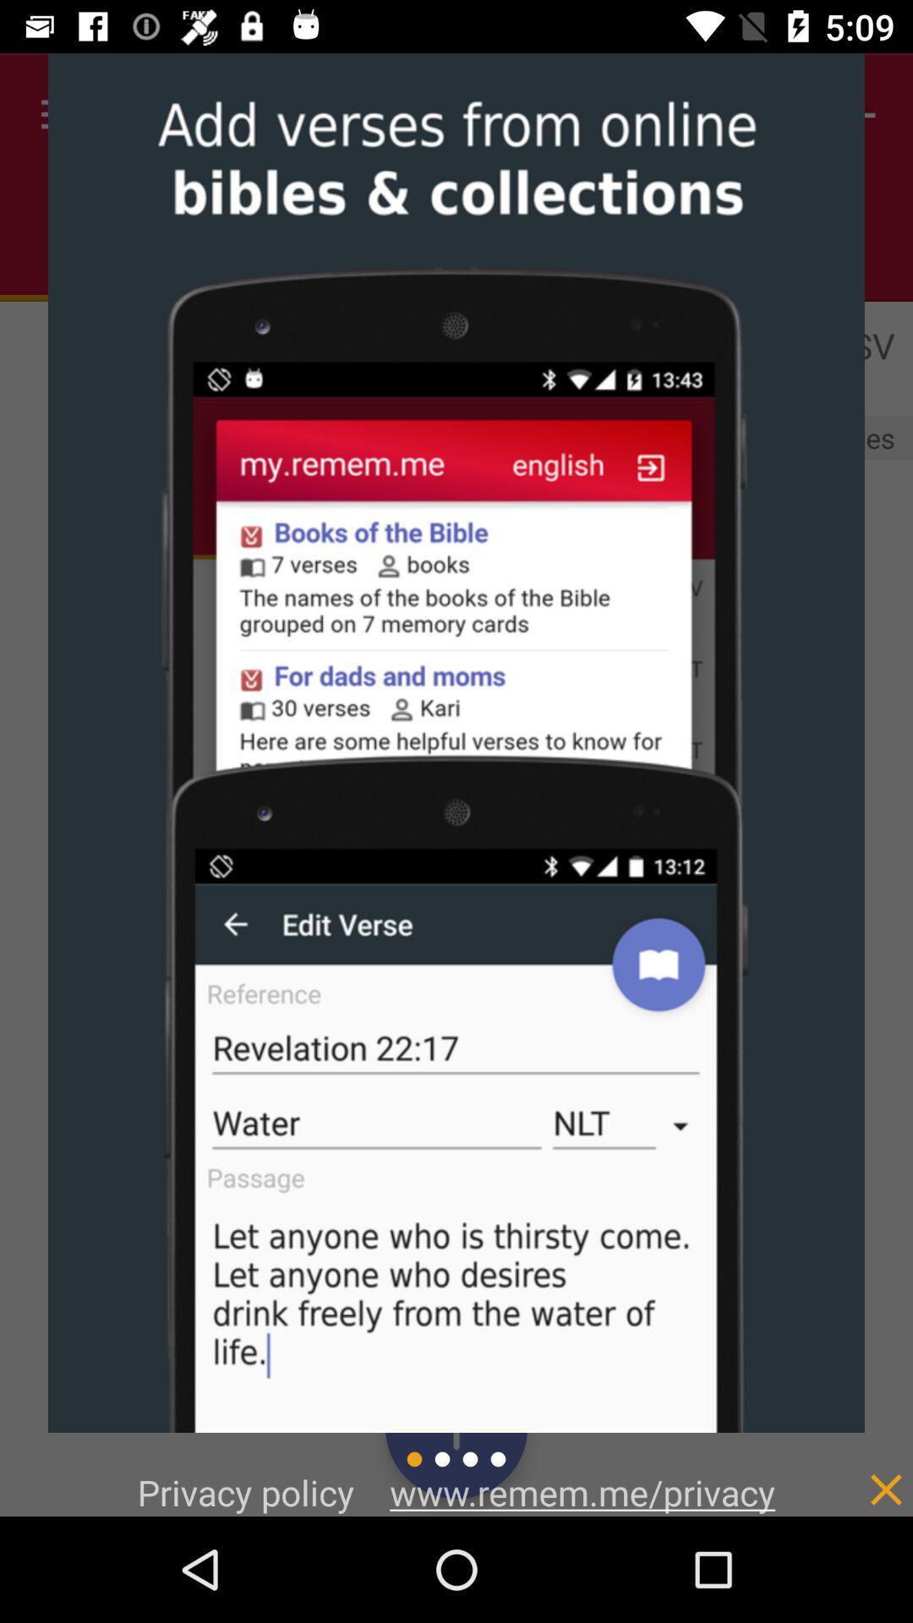  What do you see at coordinates (850, 1471) in the screenshot?
I see `window` at bounding box center [850, 1471].